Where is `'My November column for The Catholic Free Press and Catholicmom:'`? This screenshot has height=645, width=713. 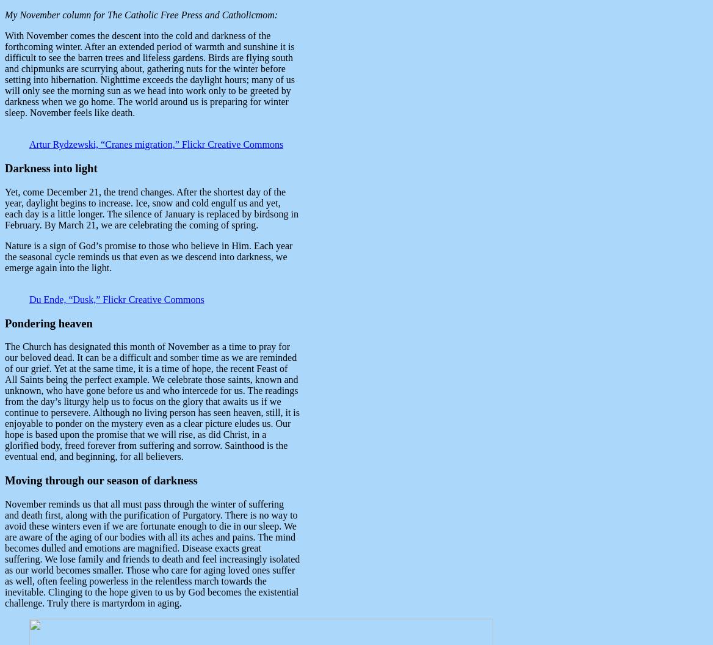
'My November column for The Catholic Free Press and Catholicmom:' is located at coordinates (140, 15).